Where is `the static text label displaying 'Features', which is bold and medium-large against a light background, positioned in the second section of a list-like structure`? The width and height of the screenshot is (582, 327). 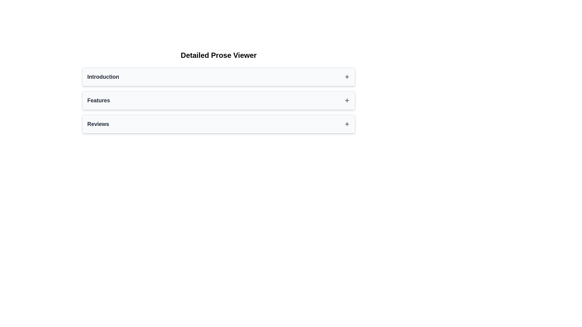 the static text label displaying 'Features', which is bold and medium-large against a light background, positioned in the second section of a list-like structure is located at coordinates (99, 100).